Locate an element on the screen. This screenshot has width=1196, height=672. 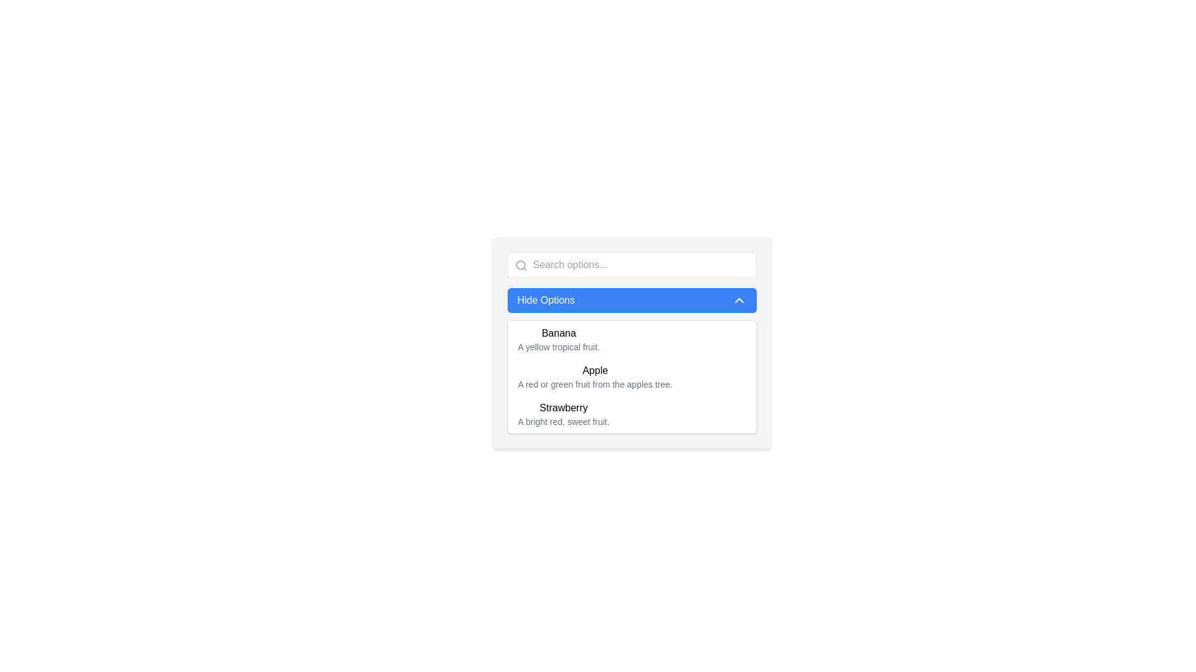
the descriptive text label for the second fruit item, located below the 'Strawberry' text, to learn more about it is located at coordinates (563, 421).